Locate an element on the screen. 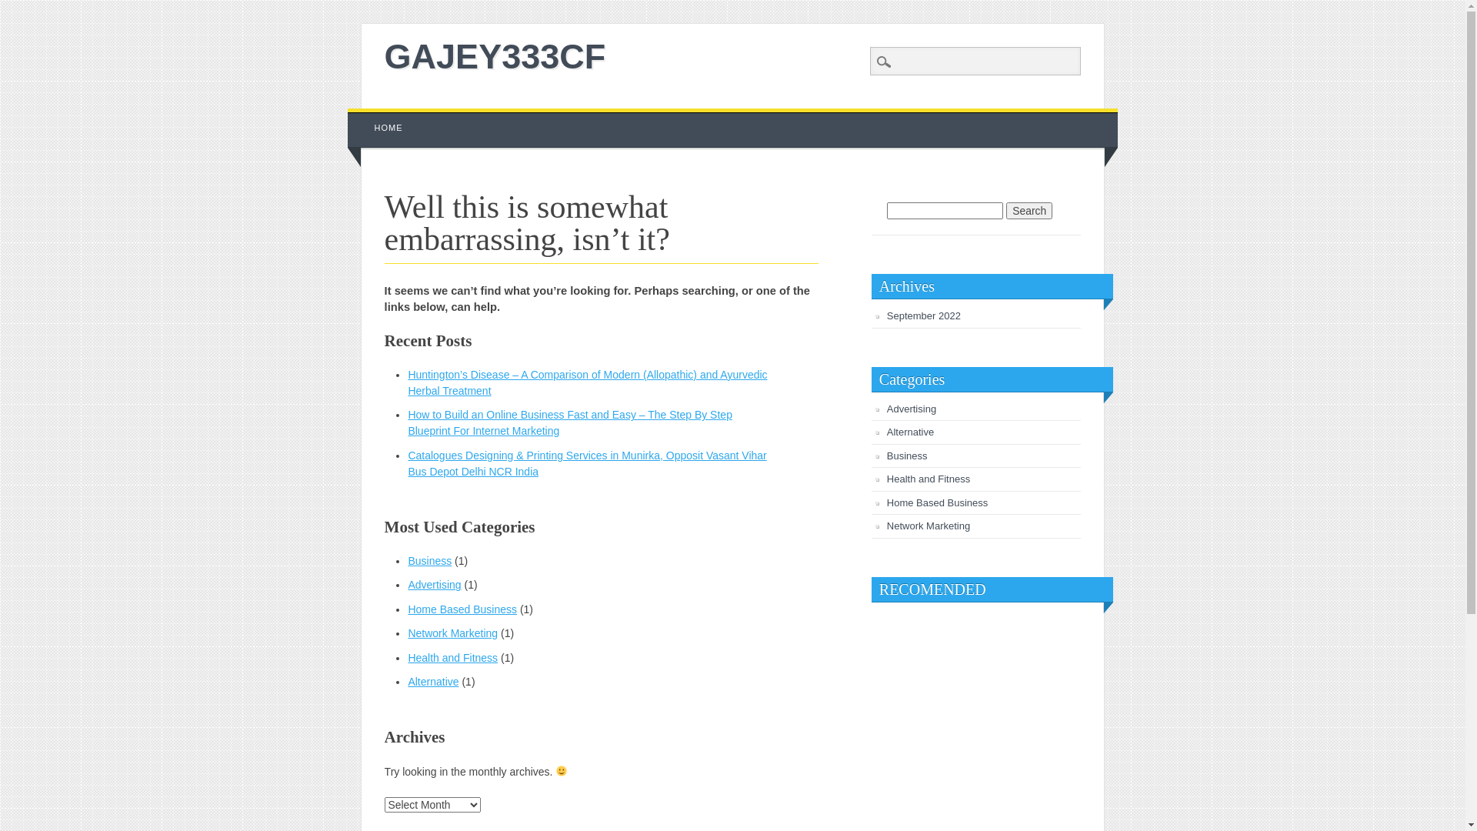  'Home Based Business' is located at coordinates (461, 608).